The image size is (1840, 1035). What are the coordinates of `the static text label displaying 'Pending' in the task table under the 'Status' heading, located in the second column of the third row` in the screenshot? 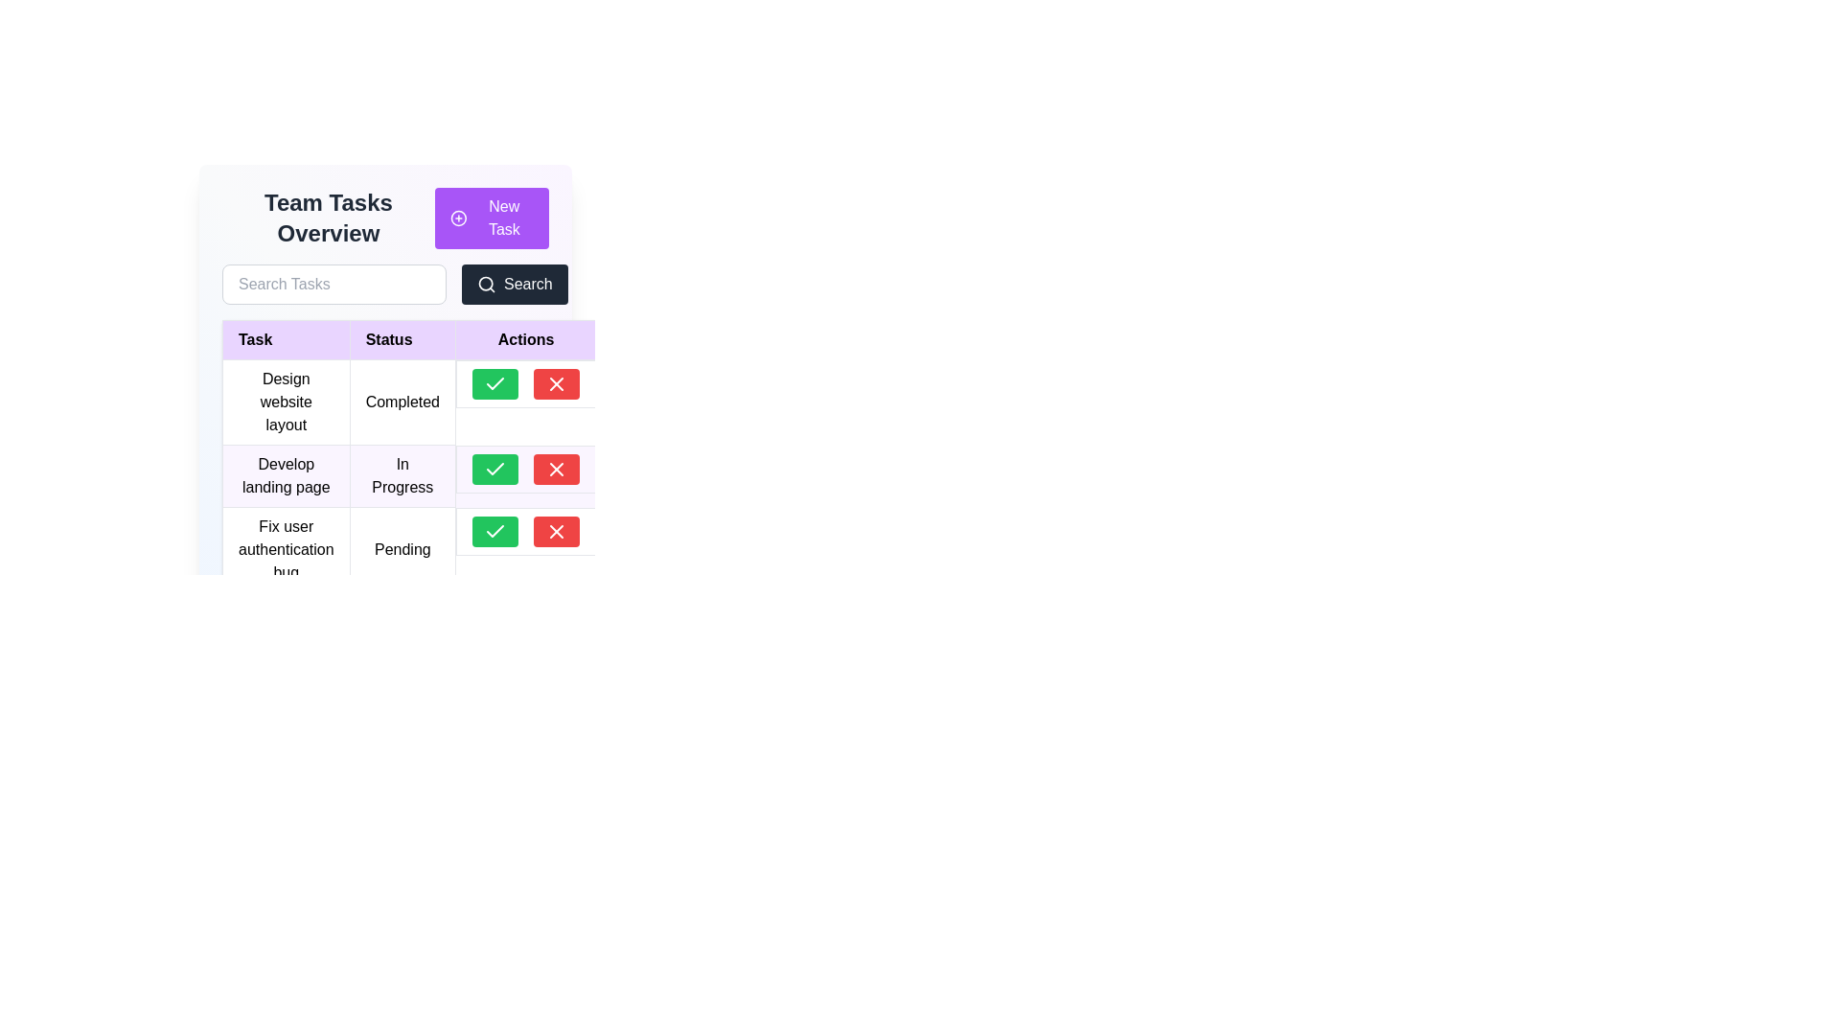 It's located at (402, 550).